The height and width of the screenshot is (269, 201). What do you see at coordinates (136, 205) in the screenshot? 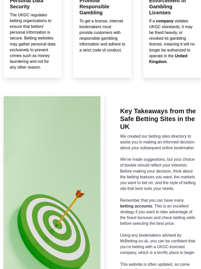
I see `'betting accounts'` at bounding box center [136, 205].